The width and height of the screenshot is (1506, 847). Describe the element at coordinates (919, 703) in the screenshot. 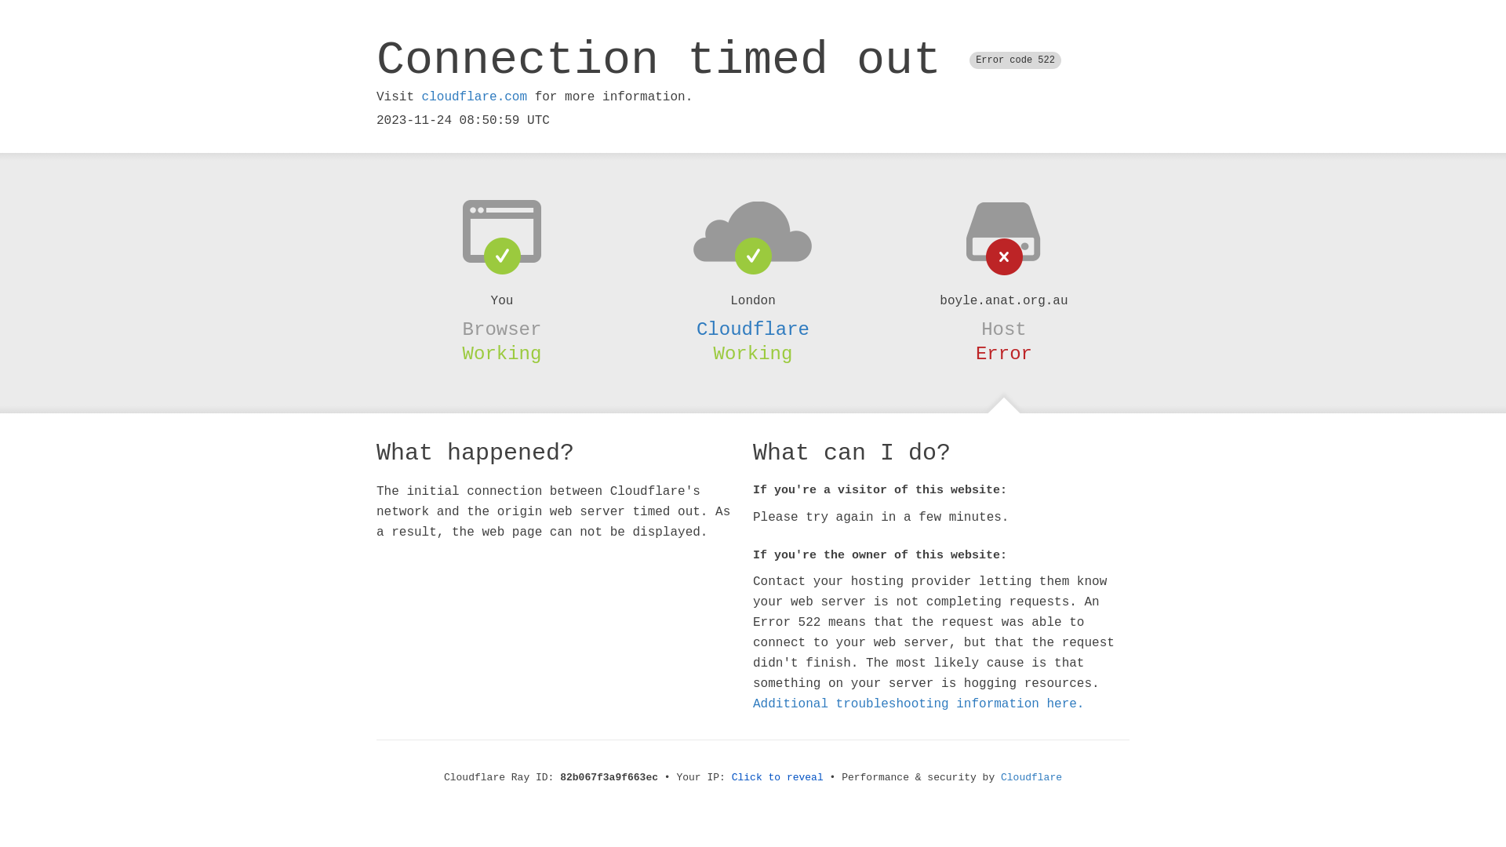

I see `'Additional troubleshooting information here.'` at that location.